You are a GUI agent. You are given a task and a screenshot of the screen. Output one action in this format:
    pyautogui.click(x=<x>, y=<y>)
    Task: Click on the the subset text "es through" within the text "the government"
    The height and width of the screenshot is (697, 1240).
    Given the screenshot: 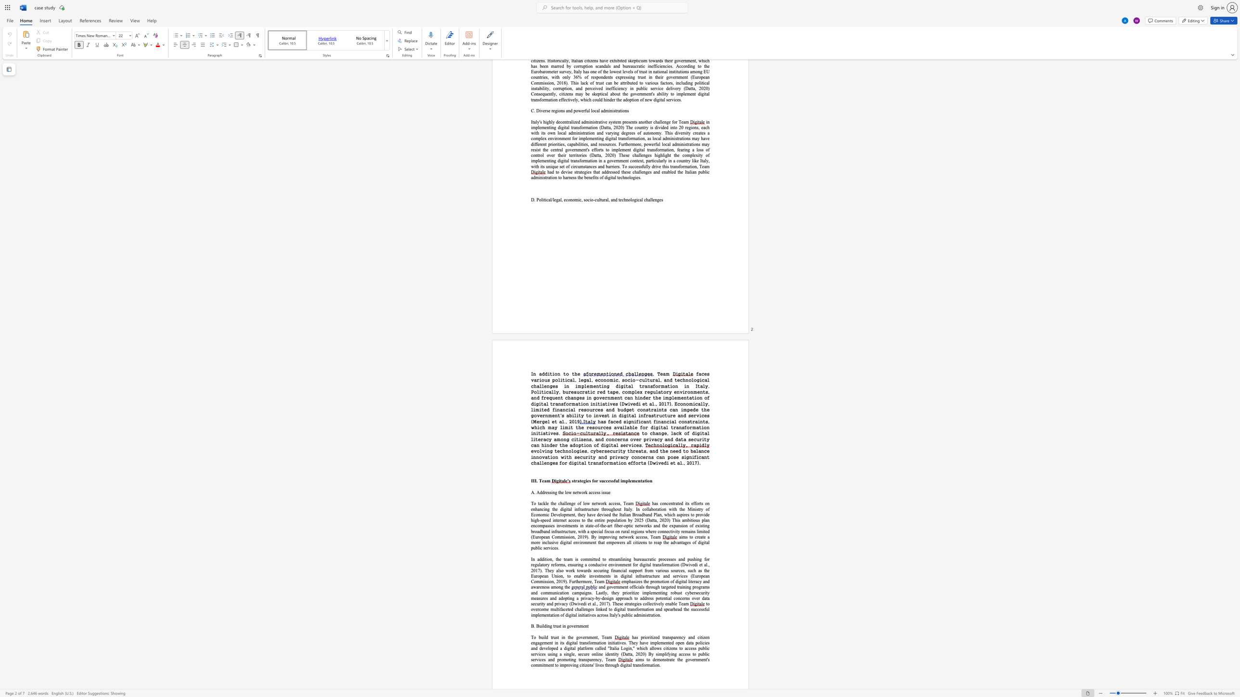 What is the action you would take?
    pyautogui.click(x=599, y=665)
    